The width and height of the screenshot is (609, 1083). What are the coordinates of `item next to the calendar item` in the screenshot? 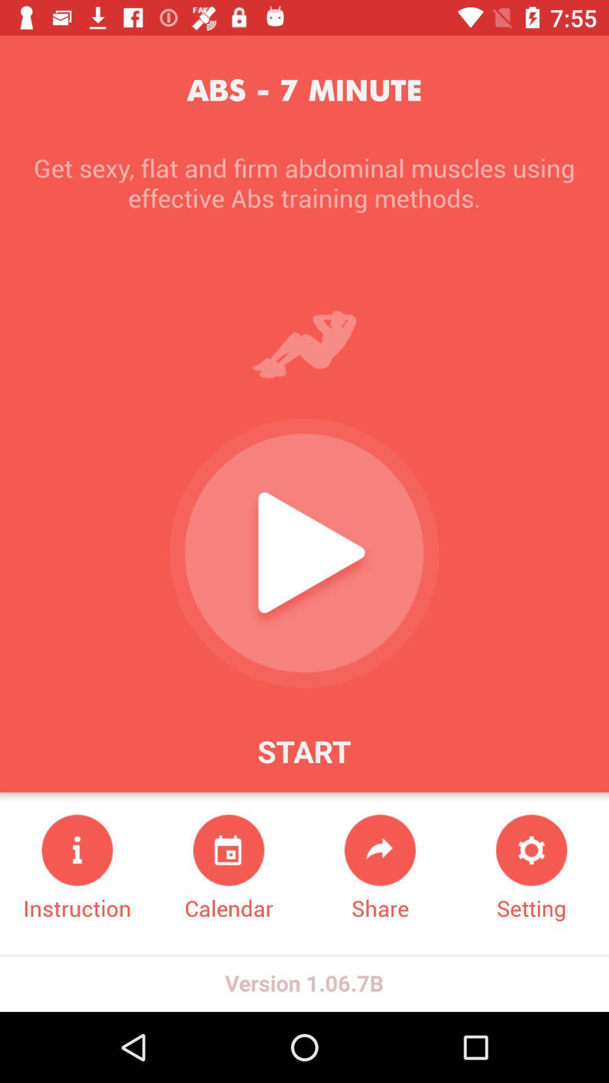 It's located at (380, 868).